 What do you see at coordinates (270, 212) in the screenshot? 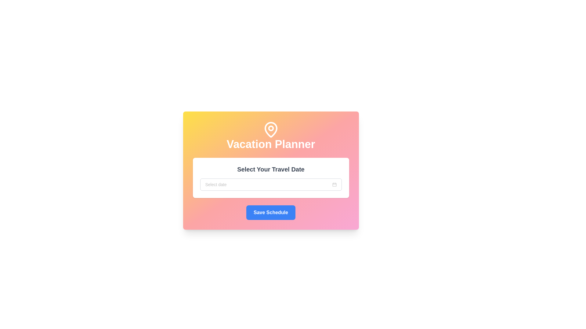
I see `the 'Save Schedule' button using keyboard navigation to focus on it` at bounding box center [270, 212].